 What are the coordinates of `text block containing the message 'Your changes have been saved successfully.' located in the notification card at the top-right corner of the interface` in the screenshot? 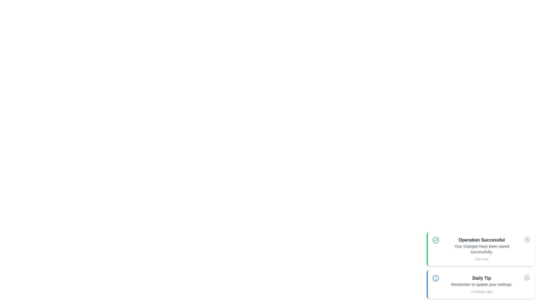 It's located at (481, 249).